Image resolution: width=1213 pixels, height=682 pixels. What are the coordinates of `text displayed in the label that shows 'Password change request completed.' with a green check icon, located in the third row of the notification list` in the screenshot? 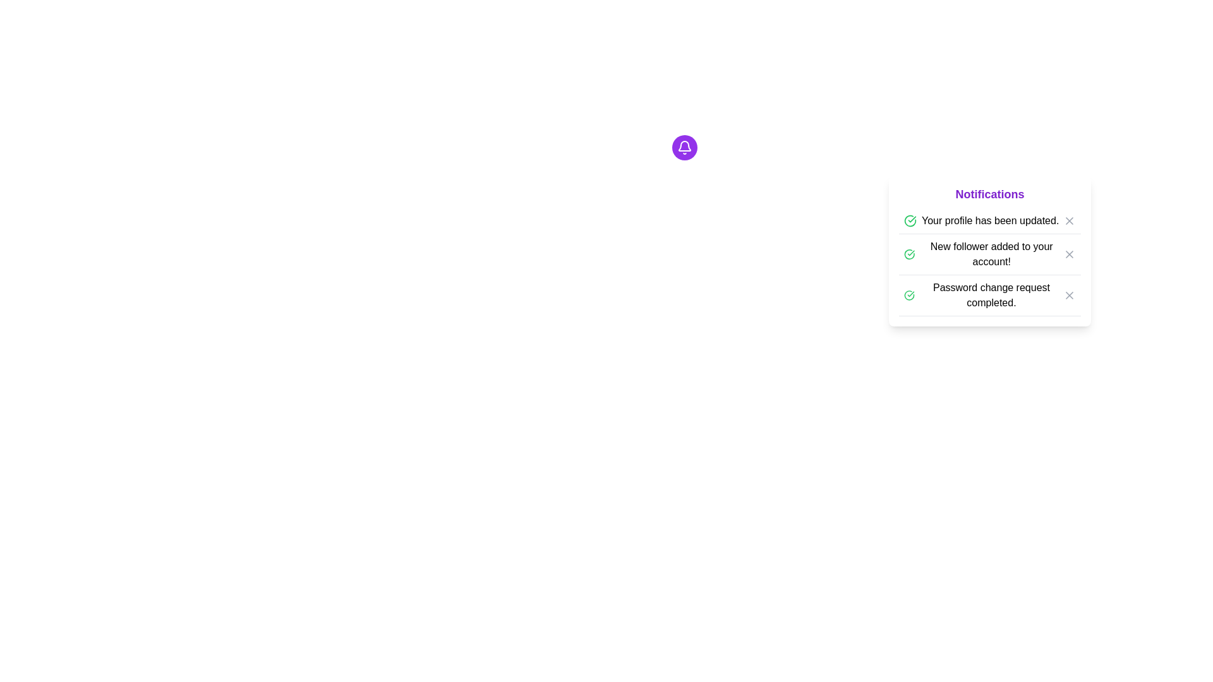 It's located at (982, 295).